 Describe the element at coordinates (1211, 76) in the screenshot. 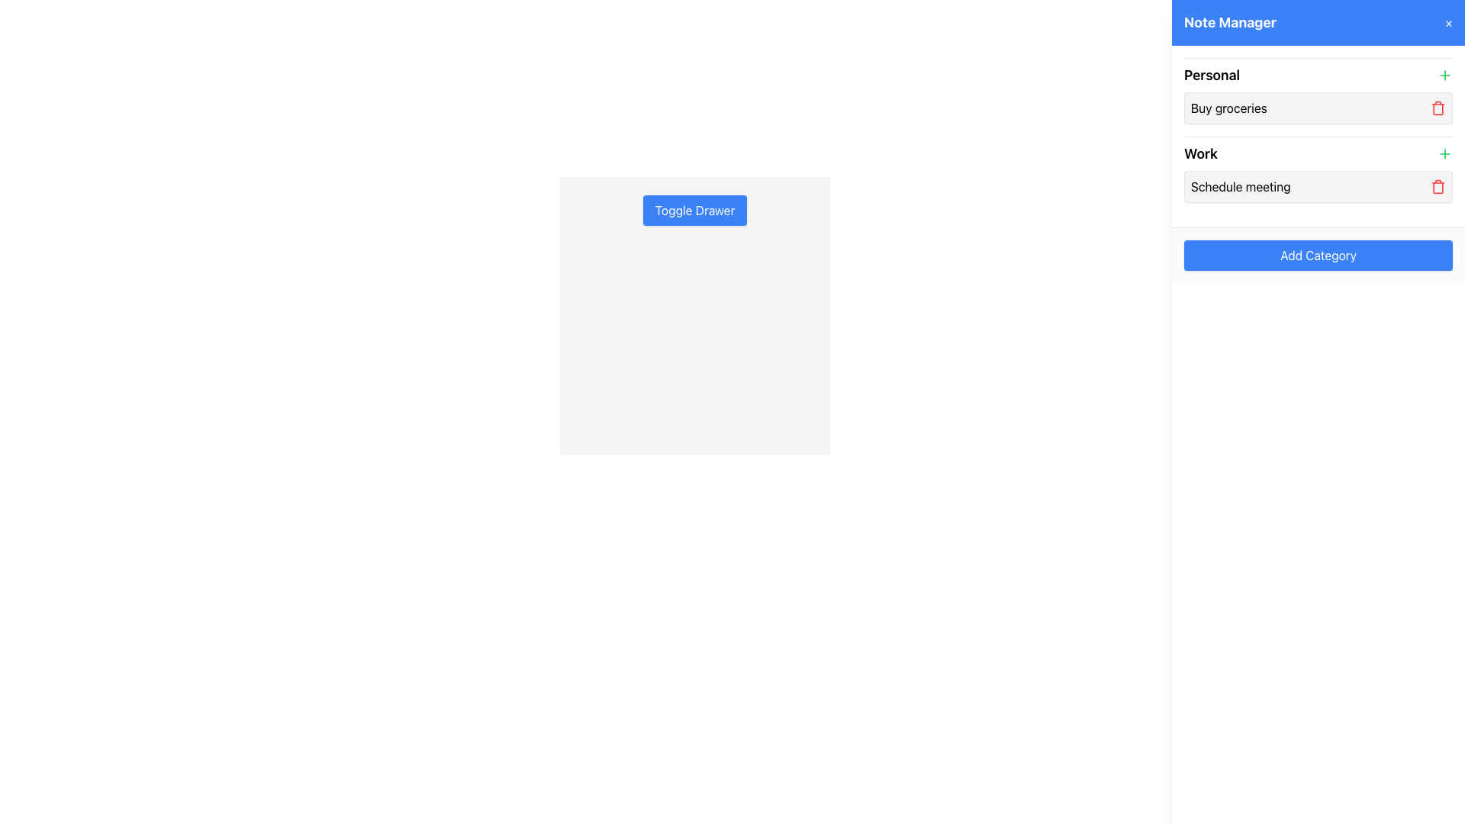

I see `the text label displaying 'Personal' in bold, located in the top-left quadrant of the 'Note Manager' section, above the items 'Buy groceries' and 'Schedule meeting'` at that location.